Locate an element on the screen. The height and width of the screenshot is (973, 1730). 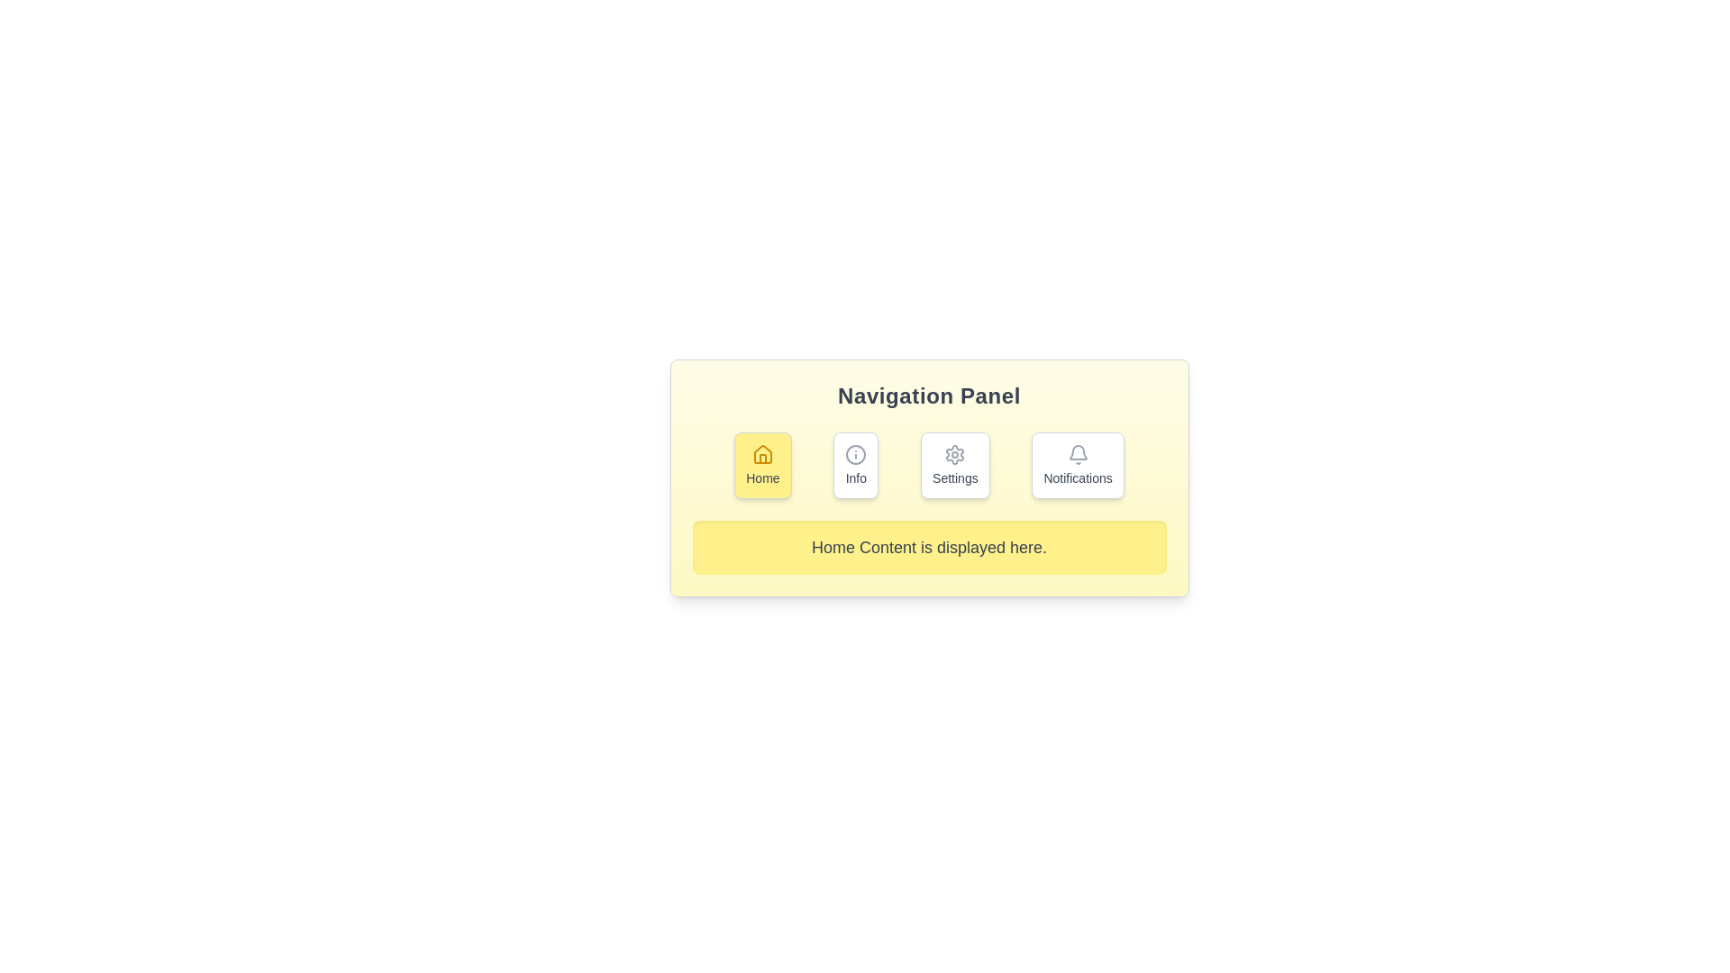
the notifications icon, which is centrally located within the 'Notifications' button group and visually represents alerts or updates is located at coordinates (1078, 454).